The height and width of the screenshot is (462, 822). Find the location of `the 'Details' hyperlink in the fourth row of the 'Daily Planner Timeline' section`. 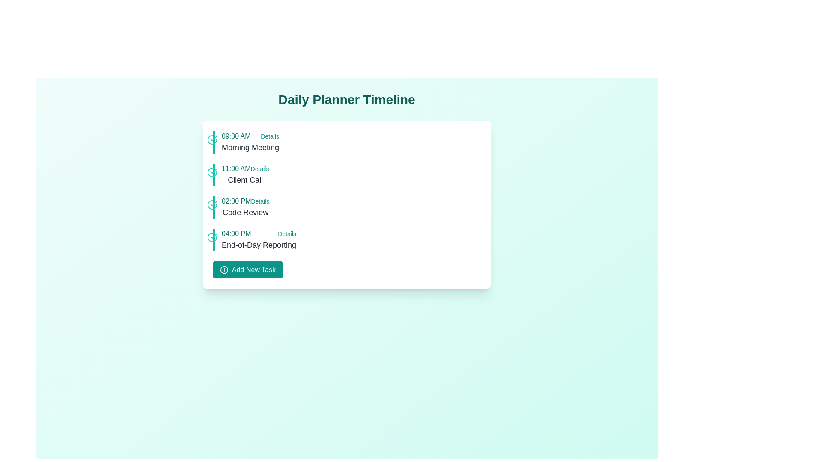

the 'Details' hyperlink in the fourth row of the 'Daily Planner Timeline' section is located at coordinates (287, 234).